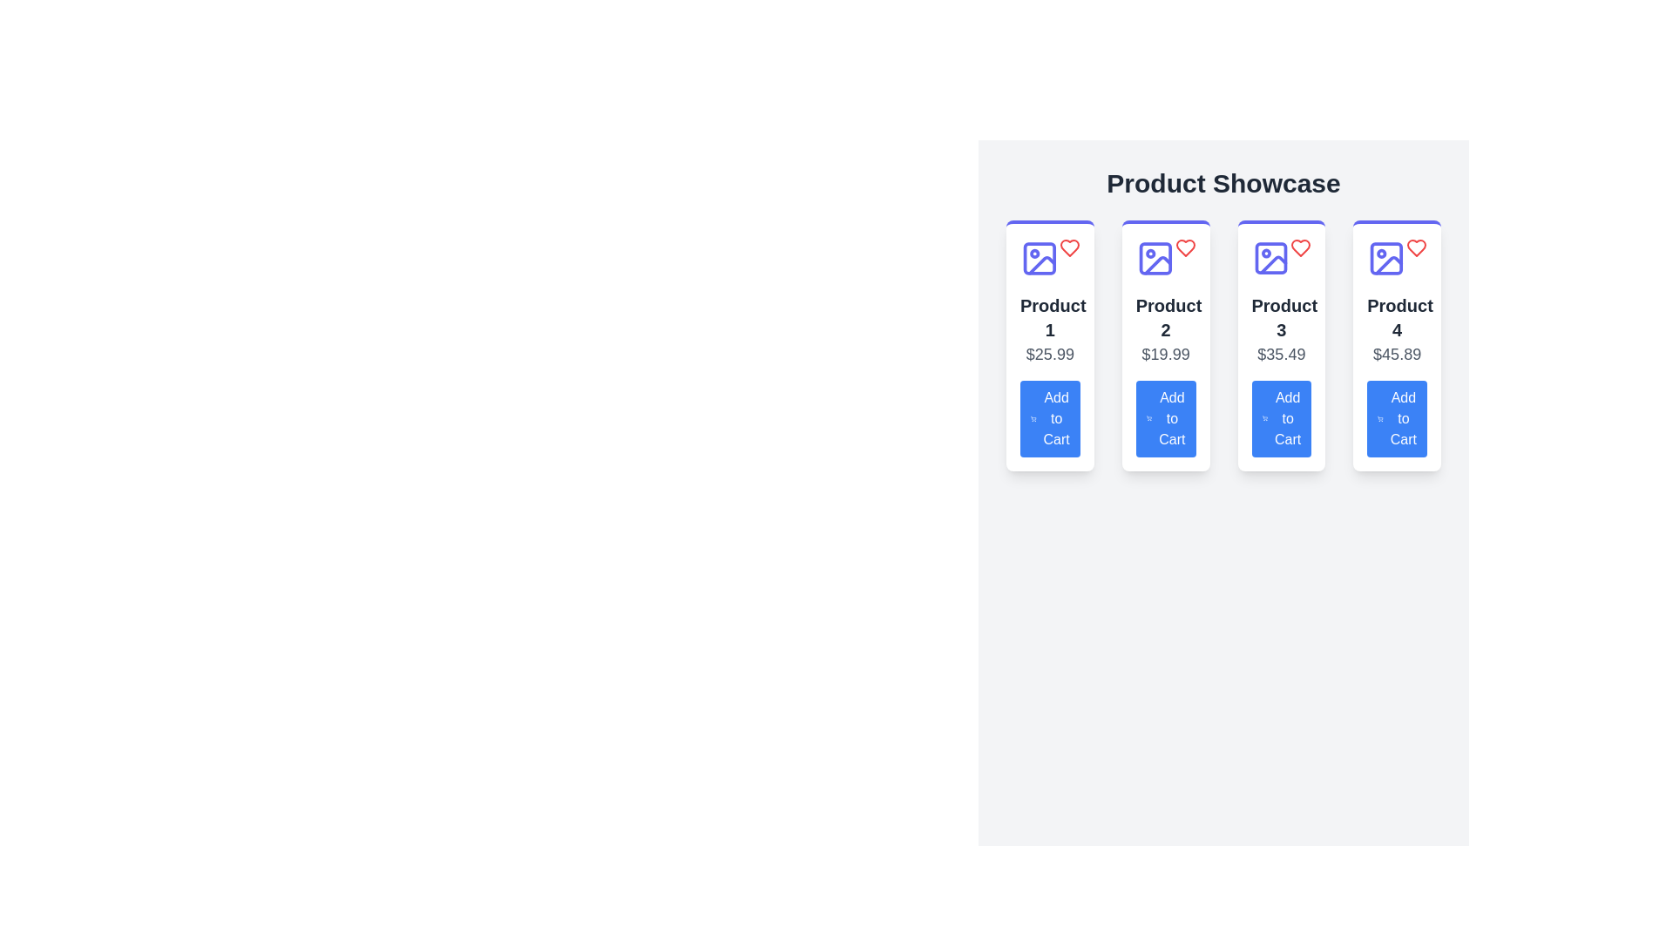 The width and height of the screenshot is (1673, 941). What do you see at coordinates (1397, 318) in the screenshot?
I see `the text label that displays the product title located in the fourth column of the grid, positioned above the price amount` at bounding box center [1397, 318].